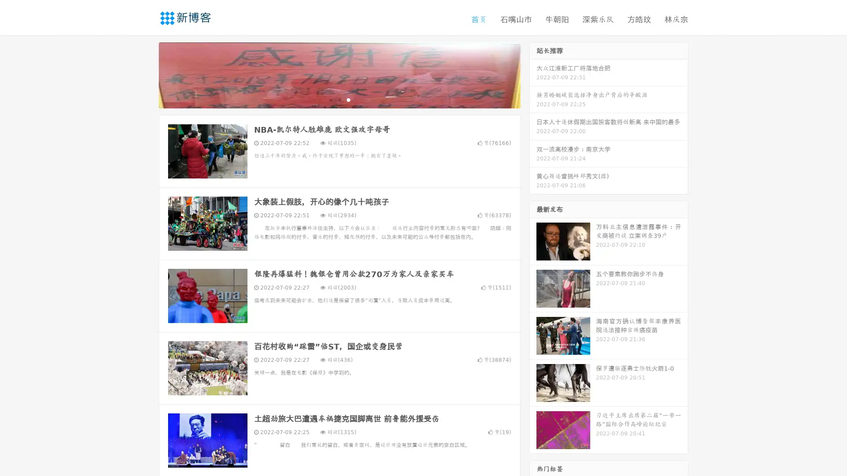 The image size is (847, 476). I want to click on Go to slide 3, so click(348, 99).